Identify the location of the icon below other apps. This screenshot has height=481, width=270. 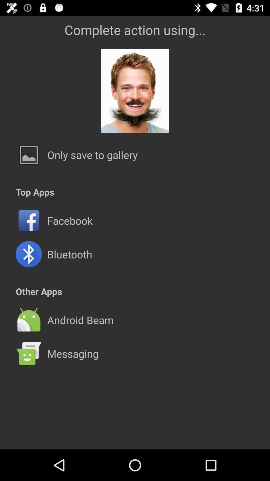
(135, 303).